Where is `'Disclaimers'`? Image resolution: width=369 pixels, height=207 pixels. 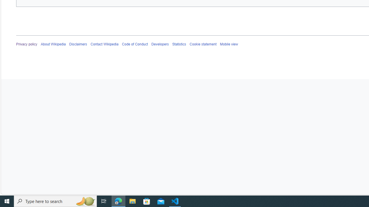 'Disclaimers' is located at coordinates (78, 44).